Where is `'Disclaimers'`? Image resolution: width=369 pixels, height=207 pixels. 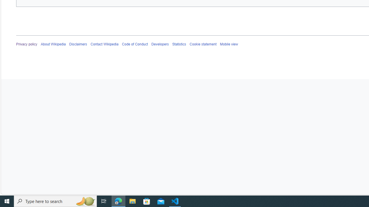 'Disclaimers' is located at coordinates (78, 44).